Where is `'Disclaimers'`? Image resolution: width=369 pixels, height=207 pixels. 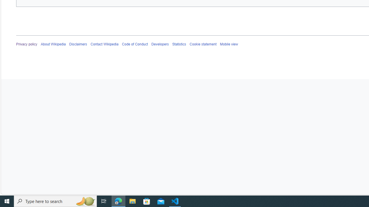 'Disclaimers' is located at coordinates (78, 44).